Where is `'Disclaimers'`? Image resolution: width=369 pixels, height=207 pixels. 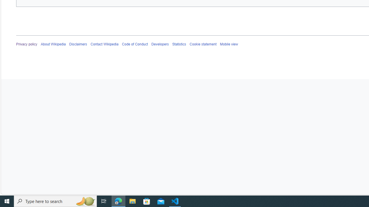 'Disclaimers' is located at coordinates (78, 44).